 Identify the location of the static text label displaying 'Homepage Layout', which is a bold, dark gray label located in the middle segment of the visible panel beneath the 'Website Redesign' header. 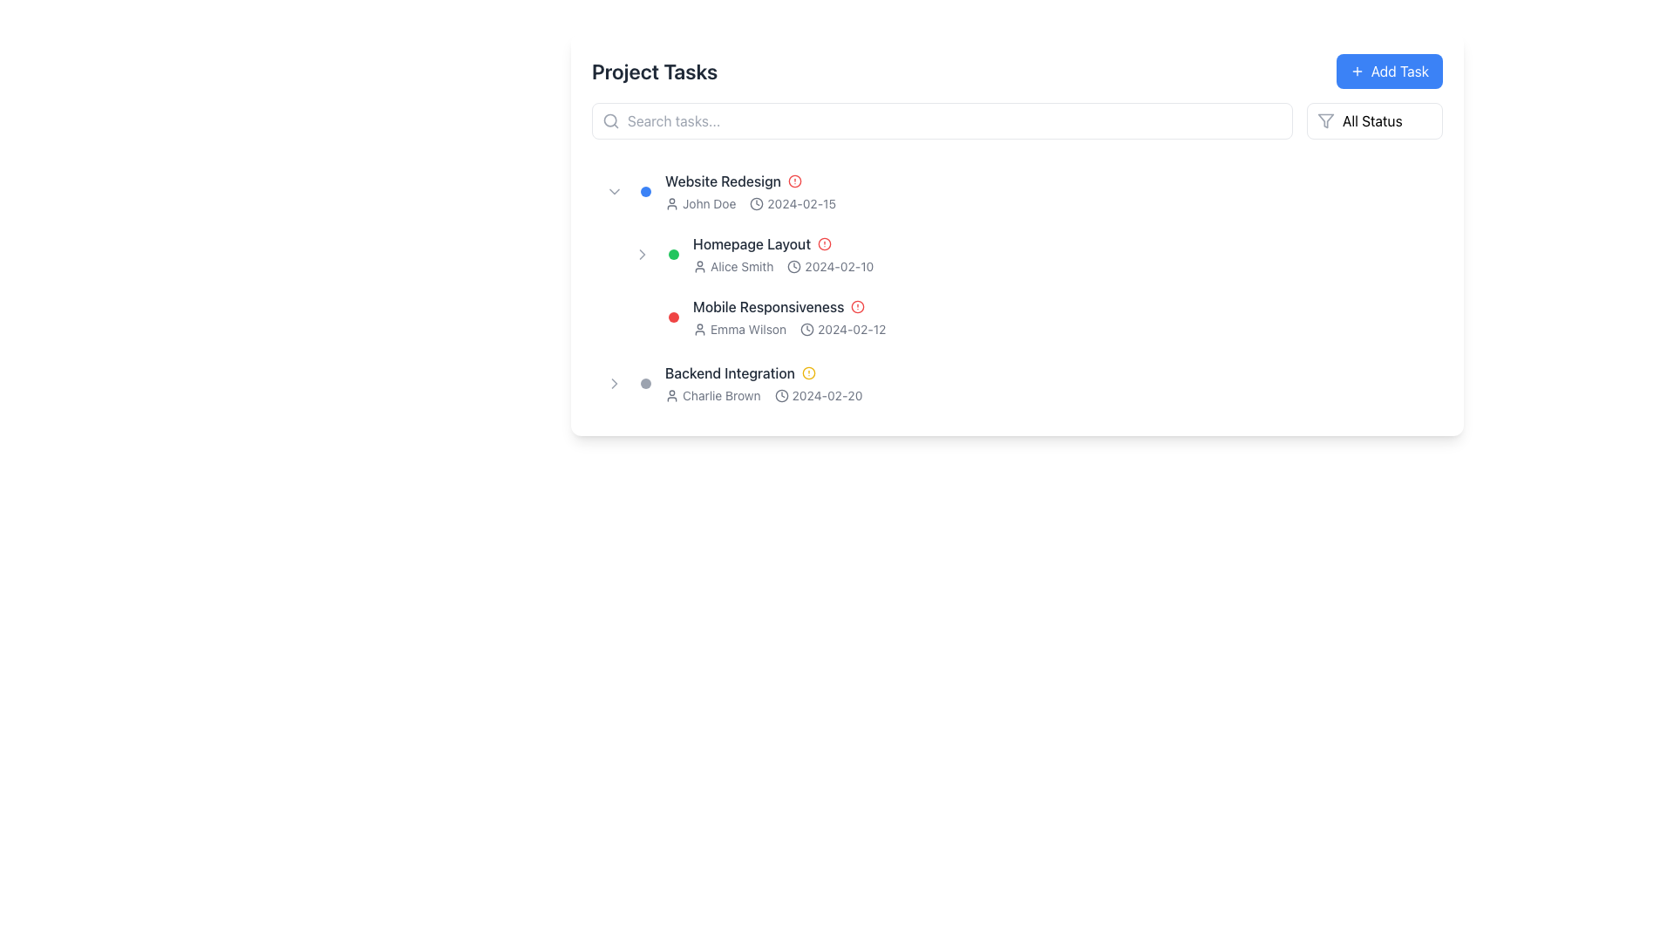
(752, 244).